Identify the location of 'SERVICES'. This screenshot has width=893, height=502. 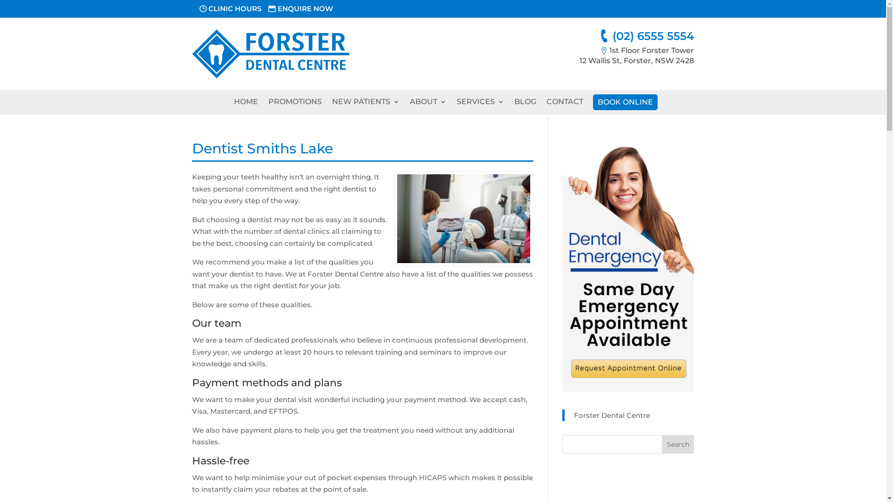
(480, 104).